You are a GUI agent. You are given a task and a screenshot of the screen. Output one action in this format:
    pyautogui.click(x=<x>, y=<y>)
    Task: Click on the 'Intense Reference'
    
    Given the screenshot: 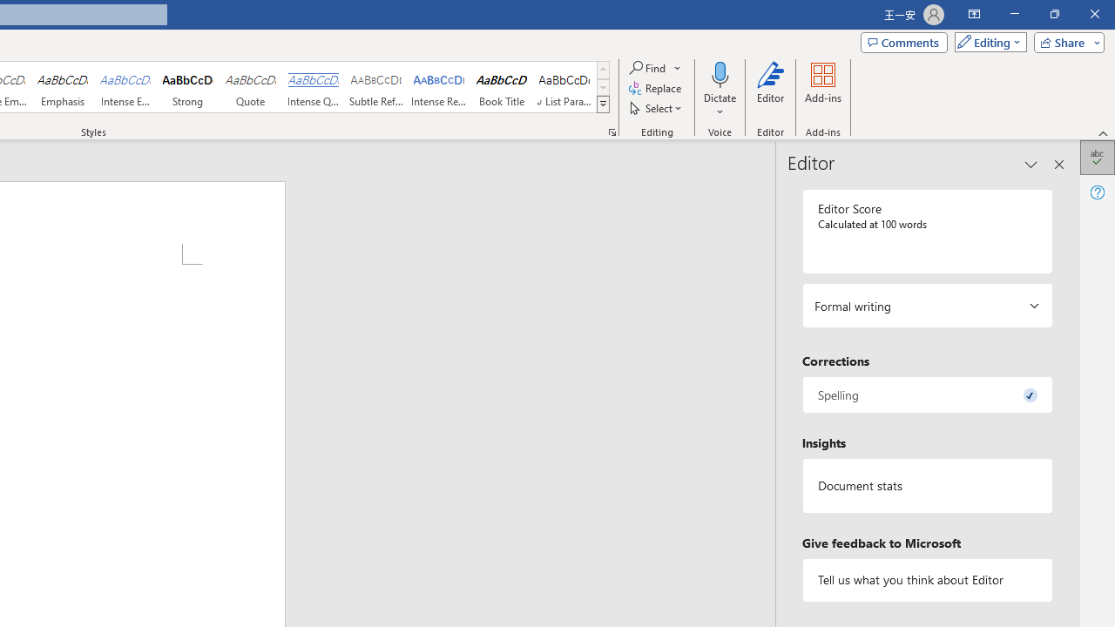 What is the action you would take?
    pyautogui.click(x=439, y=87)
    